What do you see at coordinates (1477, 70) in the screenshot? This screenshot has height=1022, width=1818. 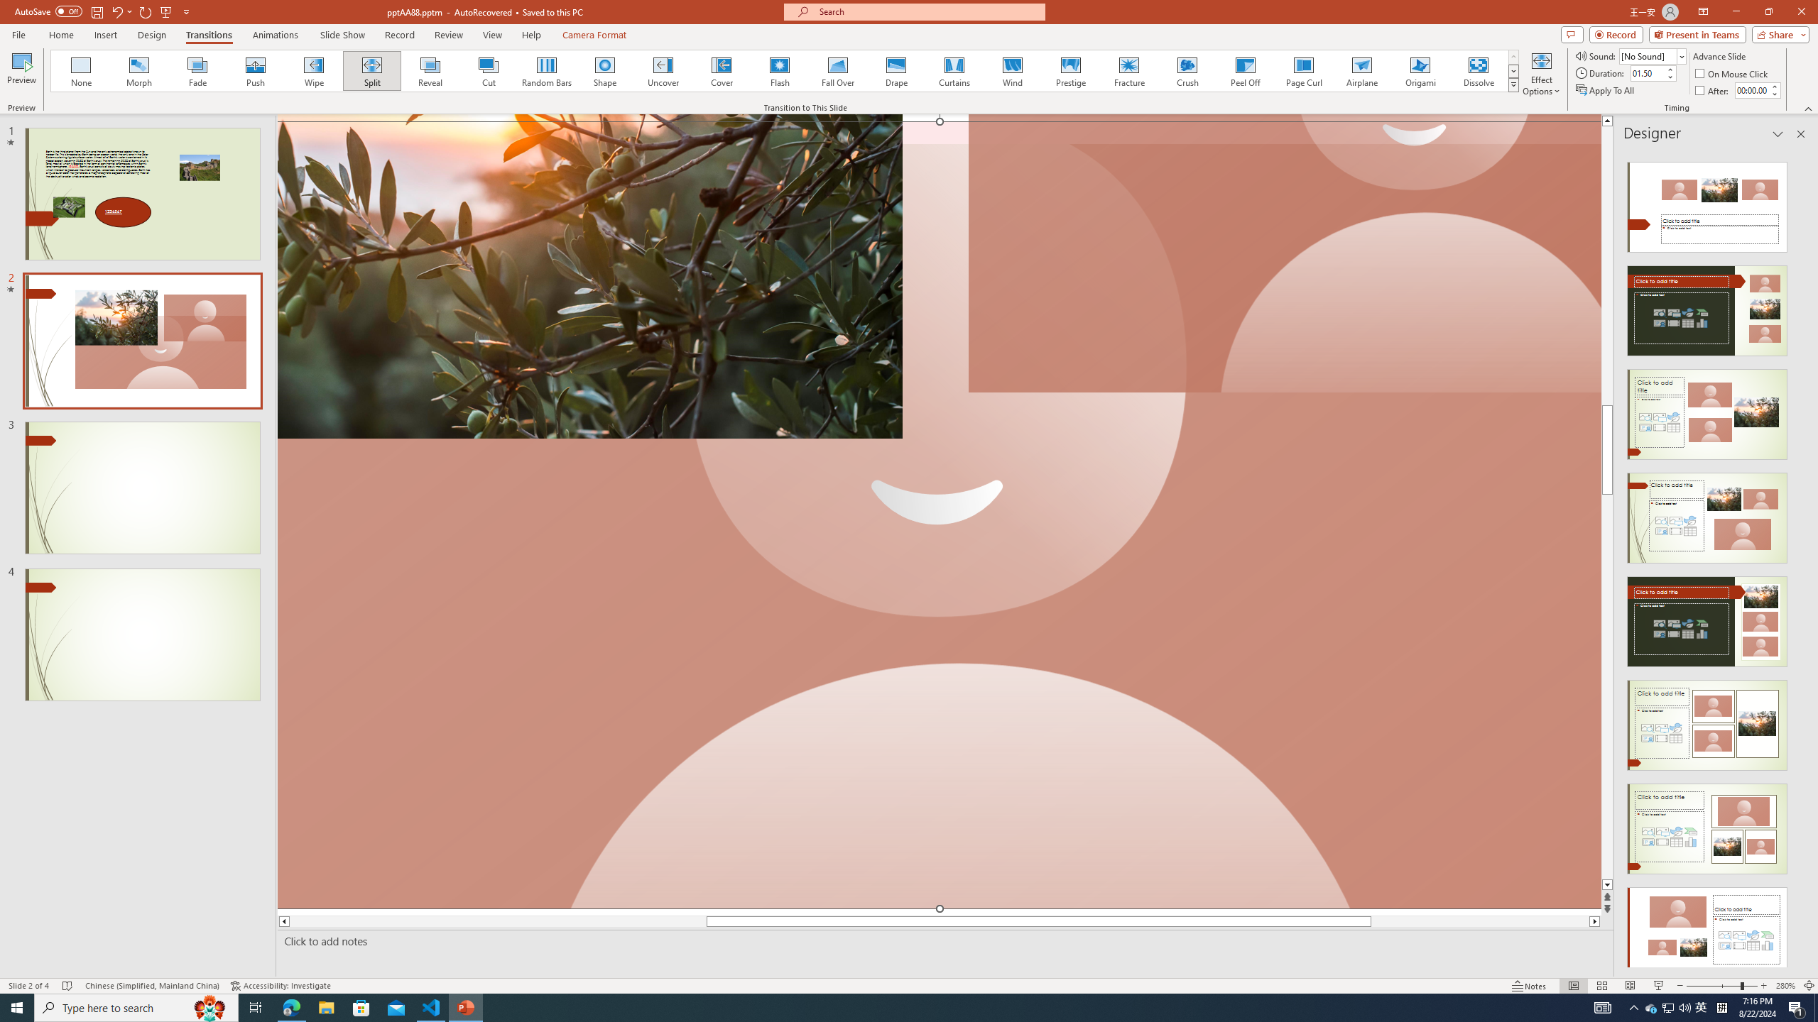 I see `'Dissolve'` at bounding box center [1477, 70].